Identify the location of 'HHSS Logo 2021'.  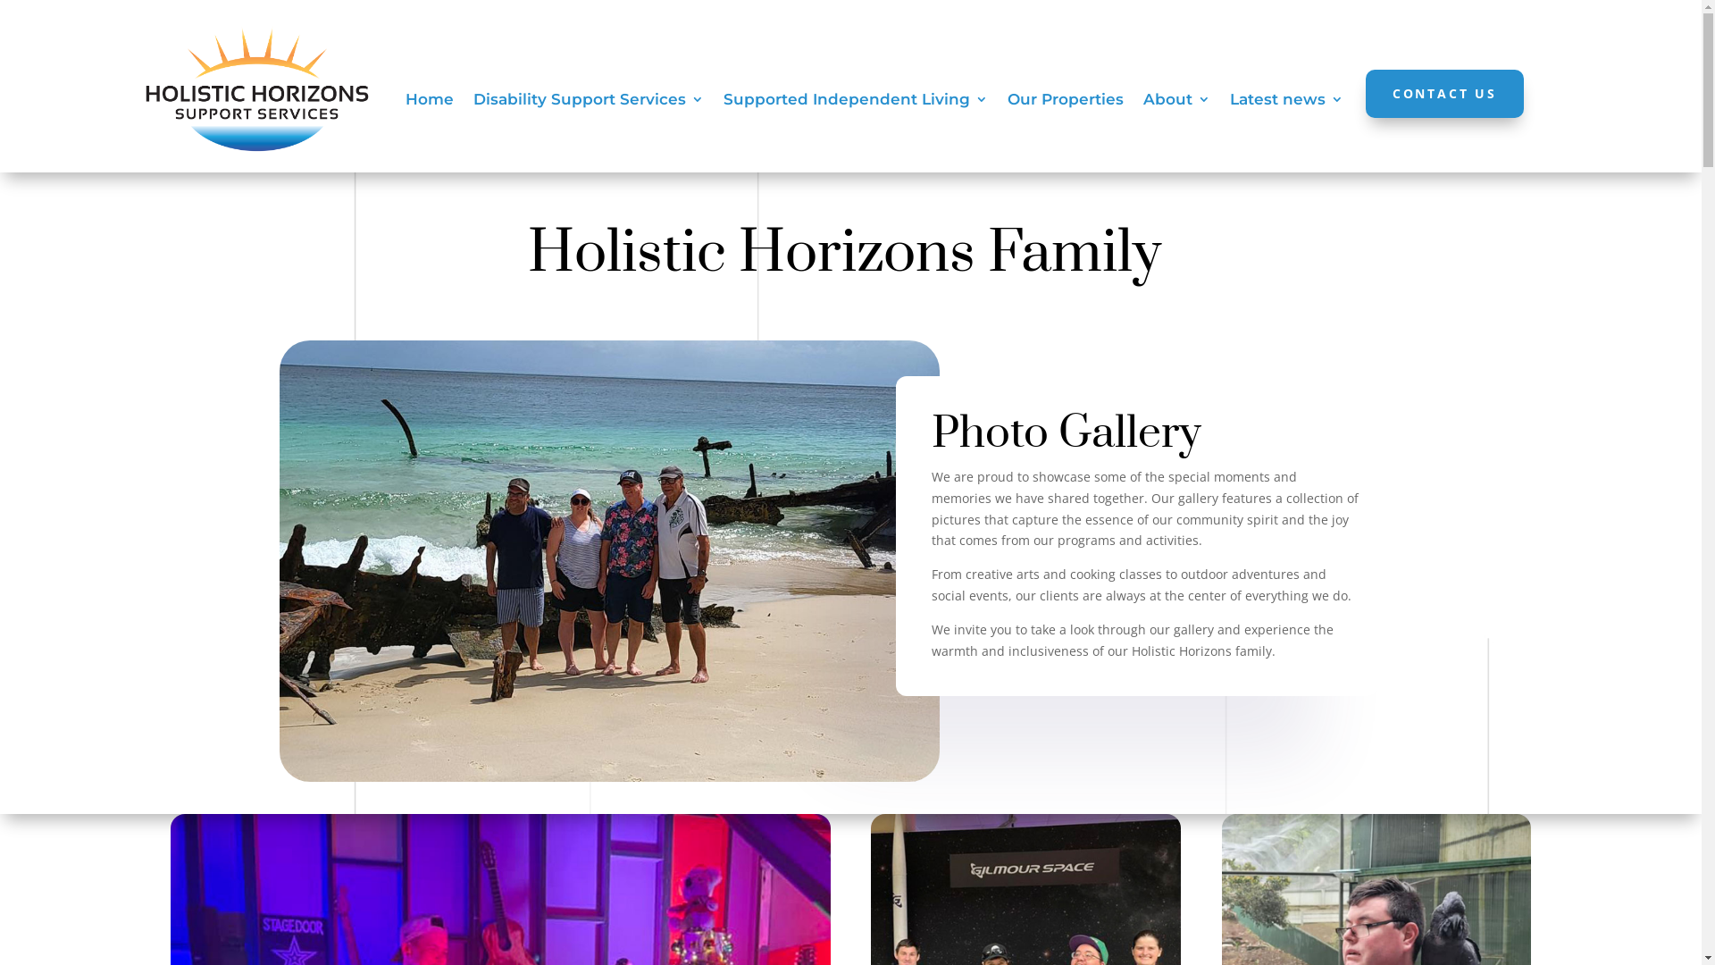
(256, 88).